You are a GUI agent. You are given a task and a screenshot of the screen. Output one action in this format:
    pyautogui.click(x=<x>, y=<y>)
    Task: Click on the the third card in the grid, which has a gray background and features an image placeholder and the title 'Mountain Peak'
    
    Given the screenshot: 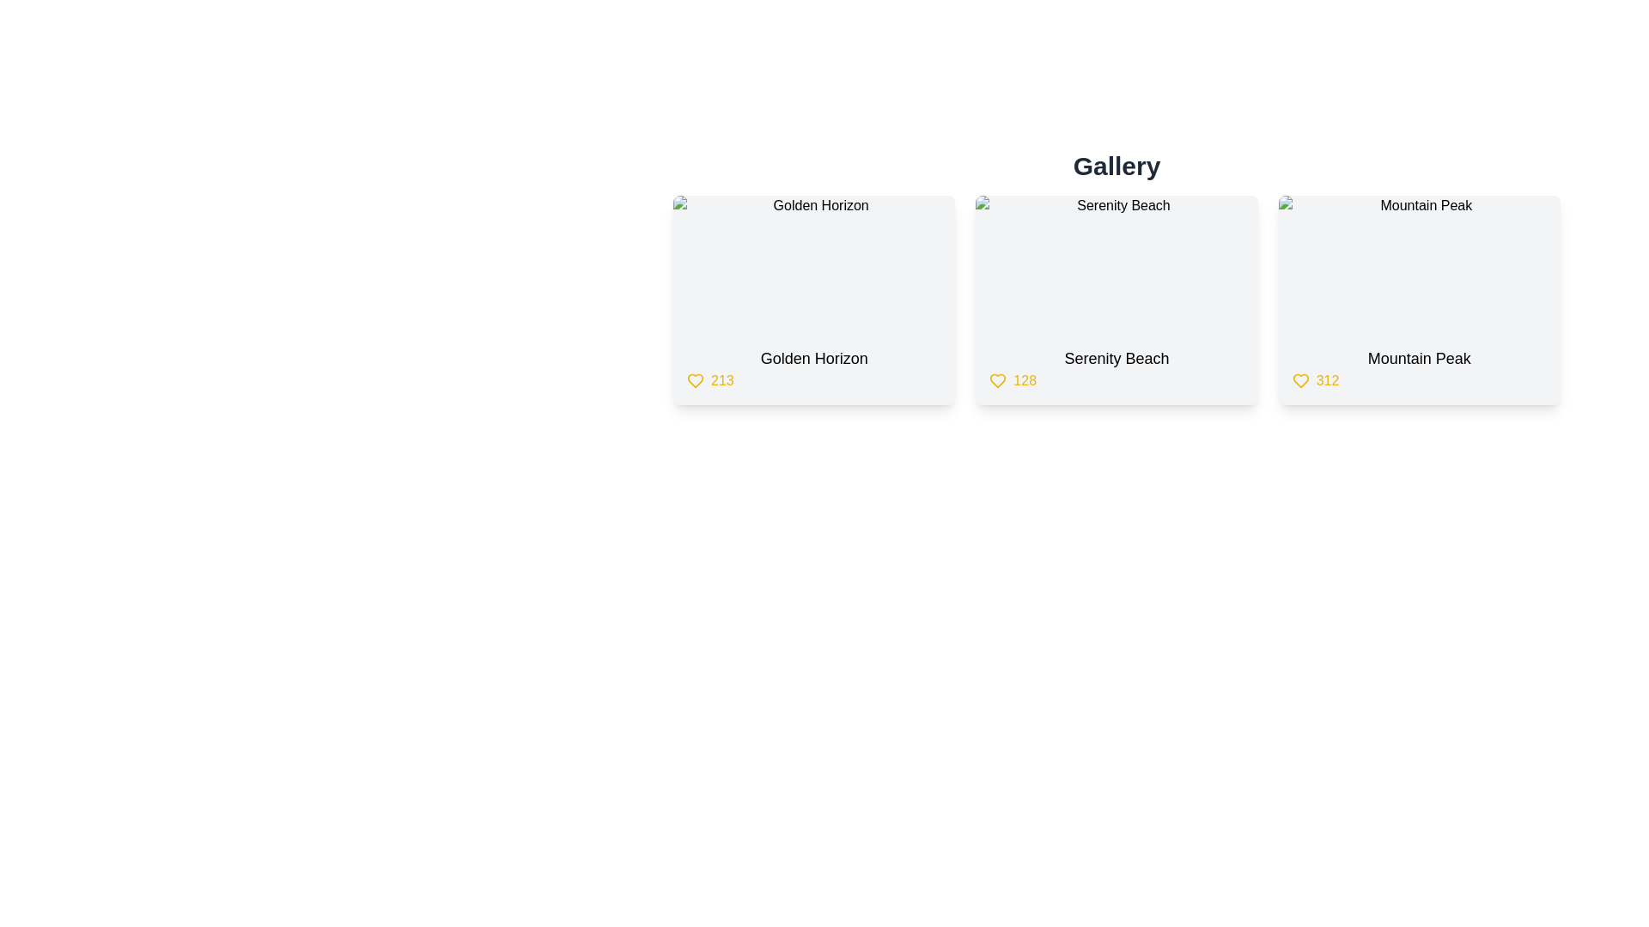 What is the action you would take?
    pyautogui.click(x=1419, y=300)
    